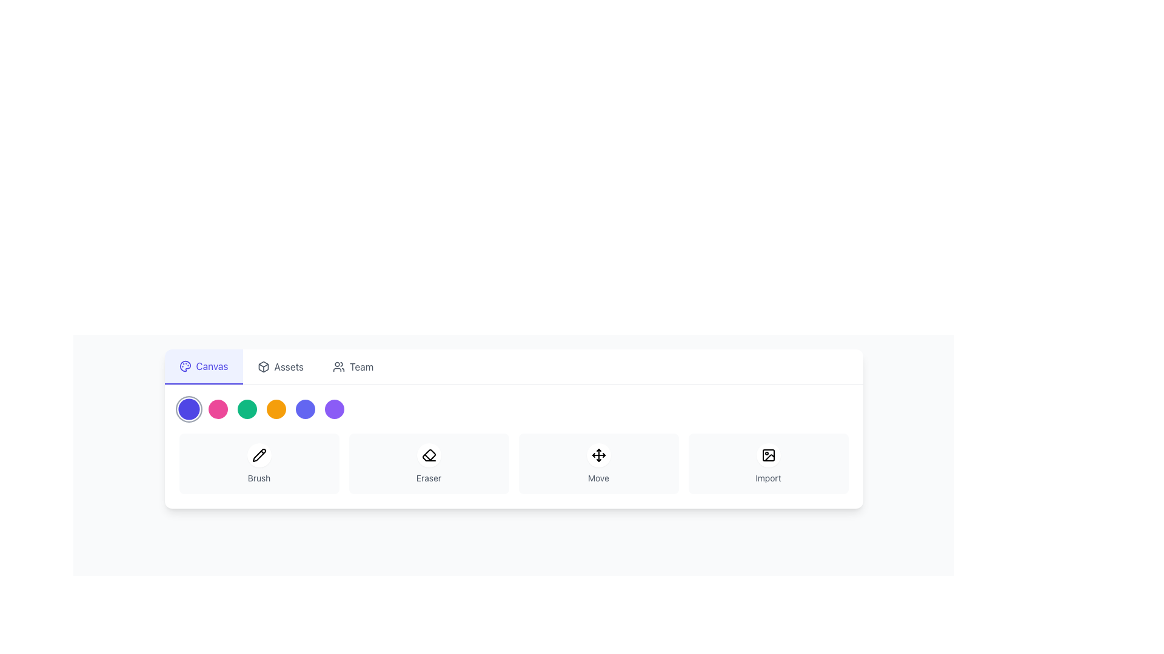 This screenshot has height=654, width=1164. Describe the element at coordinates (768, 455) in the screenshot. I see `the import button, which is the rightmost icon in the last row of the toolset panel` at that location.